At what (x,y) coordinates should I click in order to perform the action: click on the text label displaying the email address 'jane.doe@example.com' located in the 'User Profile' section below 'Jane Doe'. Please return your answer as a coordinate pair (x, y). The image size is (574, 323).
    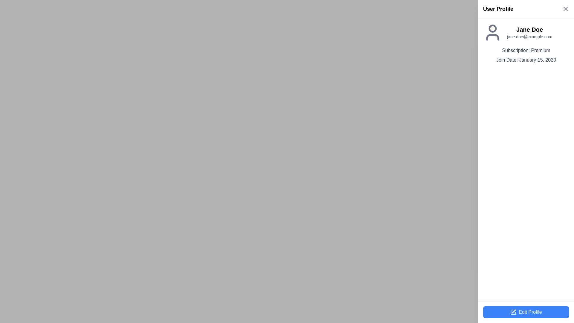
    Looking at the image, I should click on (529, 37).